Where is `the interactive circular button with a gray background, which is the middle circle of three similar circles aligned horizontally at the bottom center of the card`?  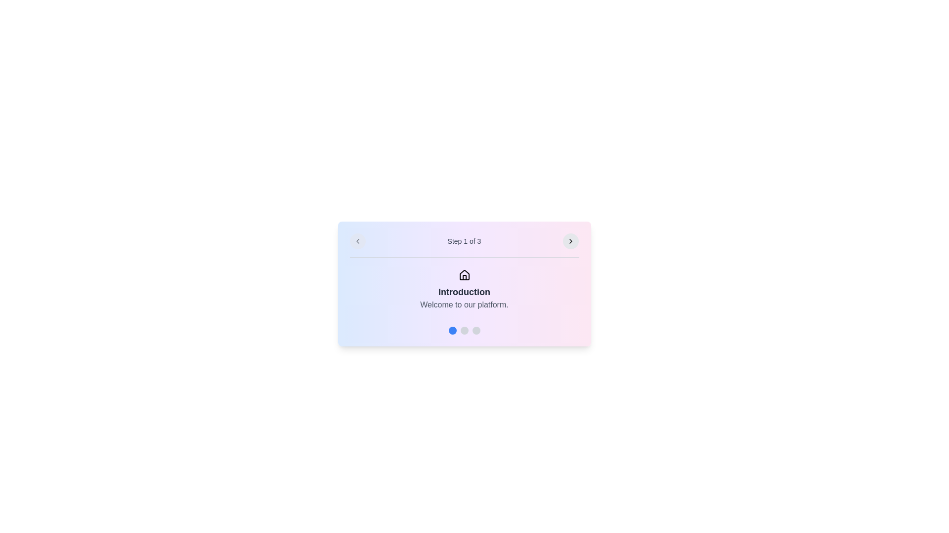
the interactive circular button with a gray background, which is the middle circle of three similar circles aligned horizontally at the bottom center of the card is located at coordinates (464, 331).